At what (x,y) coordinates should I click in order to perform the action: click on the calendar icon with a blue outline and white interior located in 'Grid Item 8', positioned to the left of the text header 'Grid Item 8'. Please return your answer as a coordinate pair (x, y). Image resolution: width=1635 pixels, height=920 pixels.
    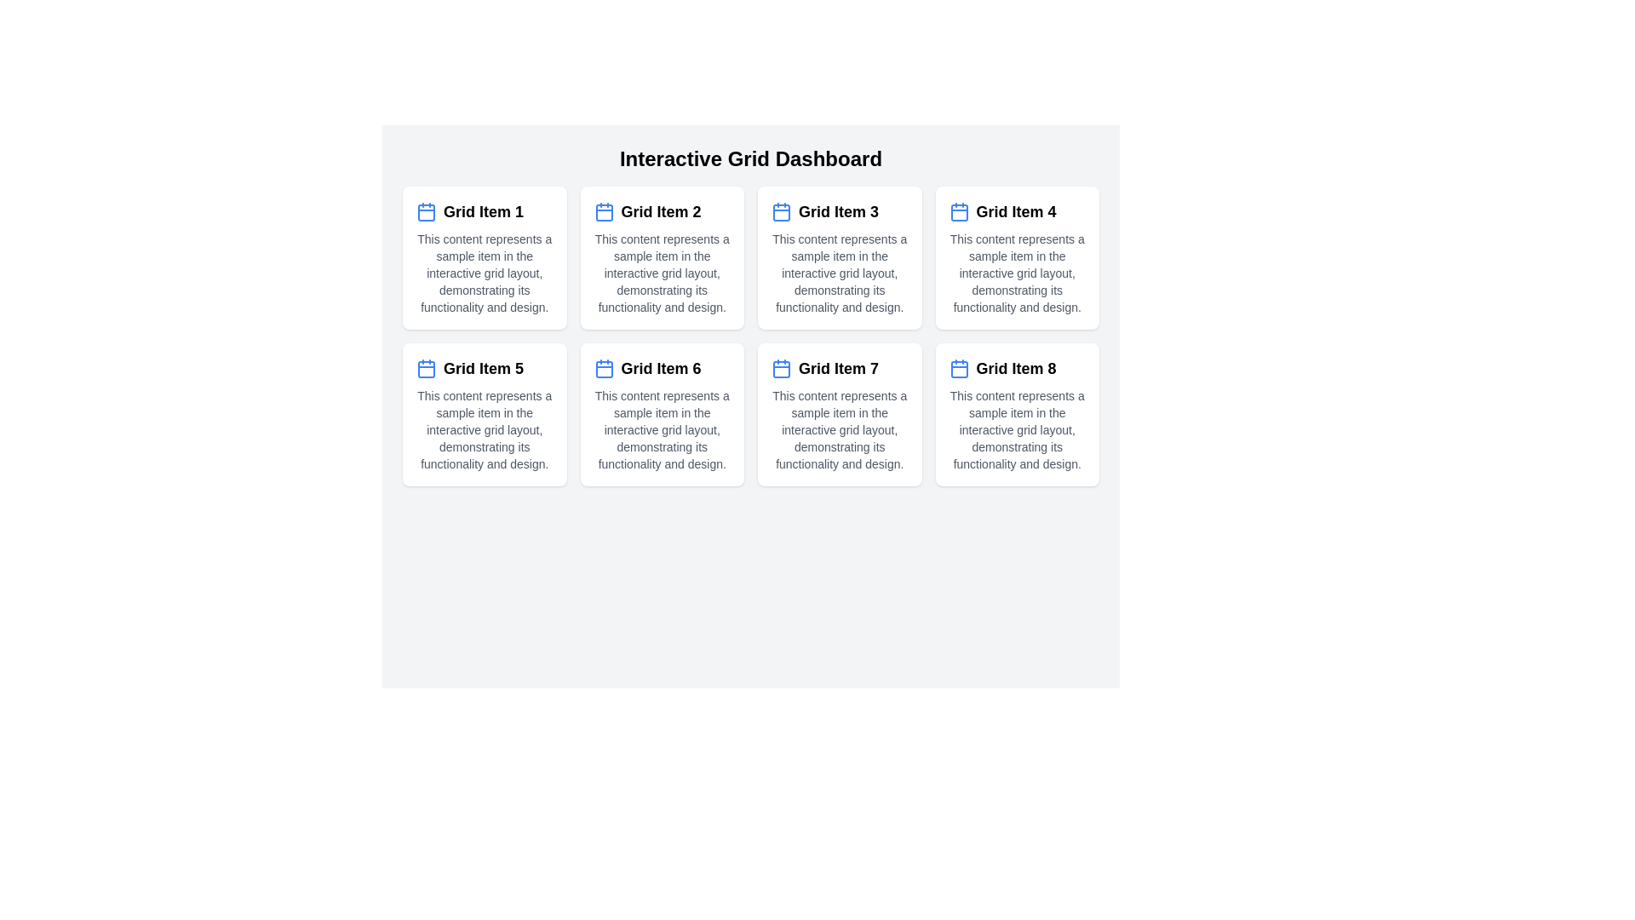
    Looking at the image, I should click on (959, 367).